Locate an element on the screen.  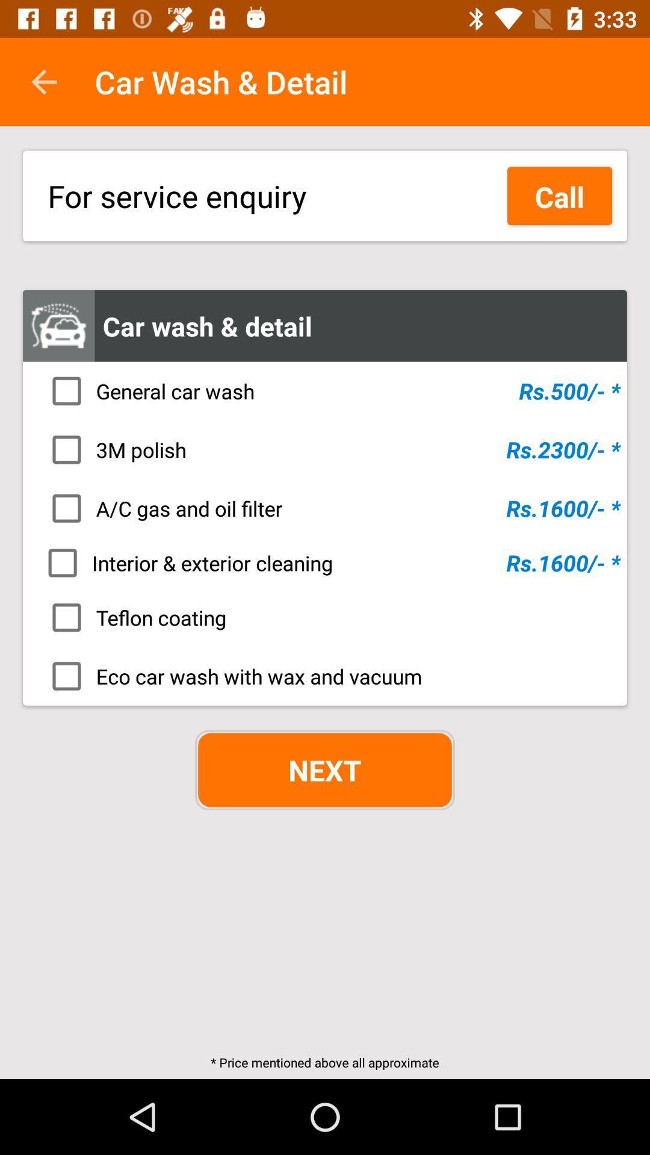
item to the left of car wash & detail icon is located at coordinates (43, 81).